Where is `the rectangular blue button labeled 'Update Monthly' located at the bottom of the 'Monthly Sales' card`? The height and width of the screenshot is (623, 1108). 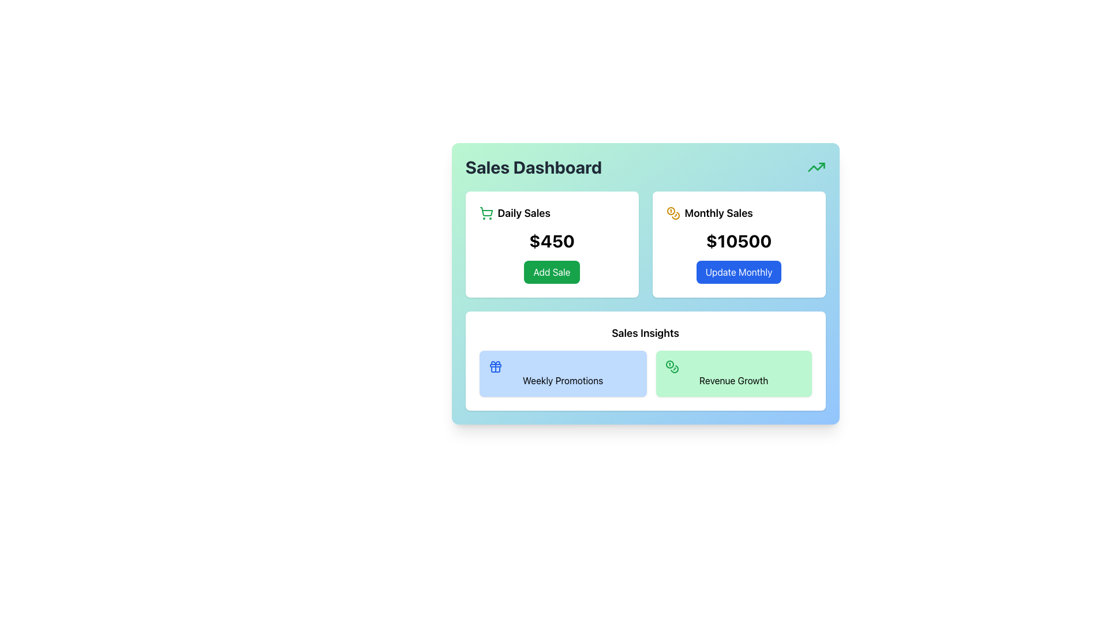 the rectangular blue button labeled 'Update Monthly' located at the bottom of the 'Monthly Sales' card is located at coordinates (739, 272).